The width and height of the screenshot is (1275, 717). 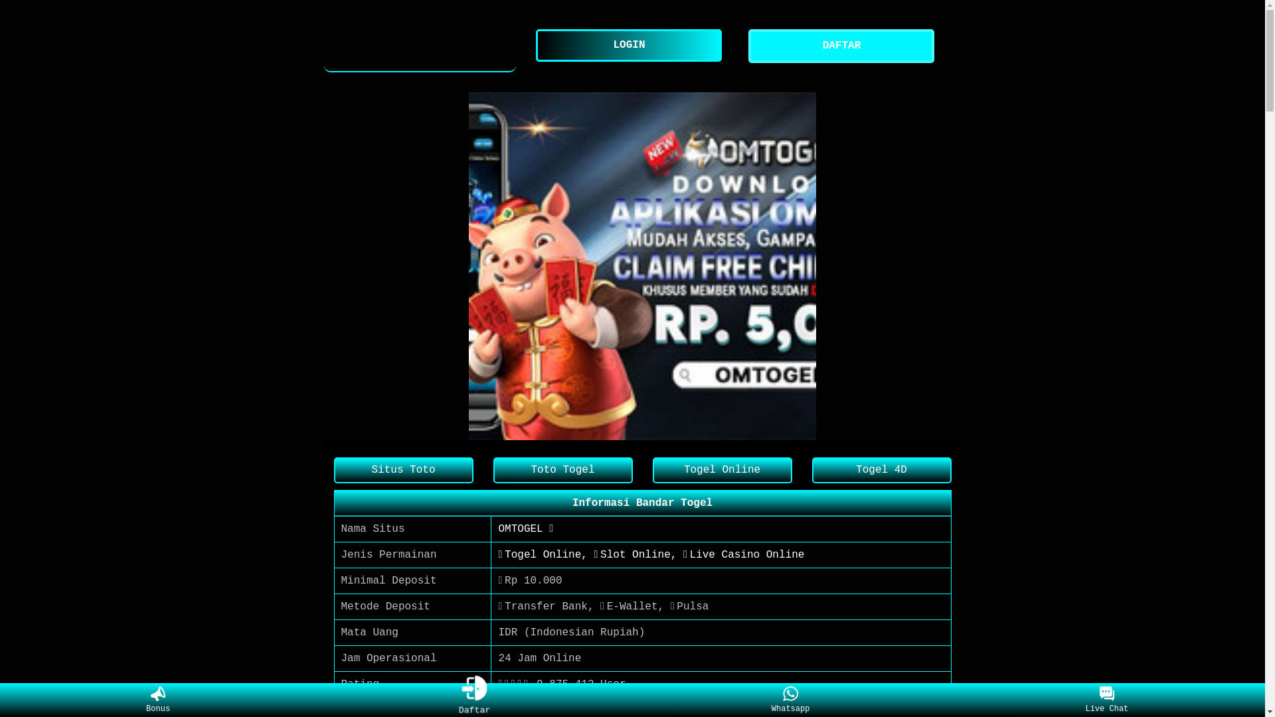 I want to click on 'LOGIN', so click(x=631, y=44).